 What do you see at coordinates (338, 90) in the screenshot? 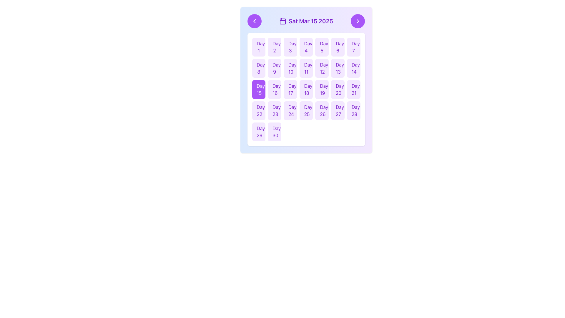
I see `the 'Day 20' button with a light purple background and purple text` at bounding box center [338, 90].